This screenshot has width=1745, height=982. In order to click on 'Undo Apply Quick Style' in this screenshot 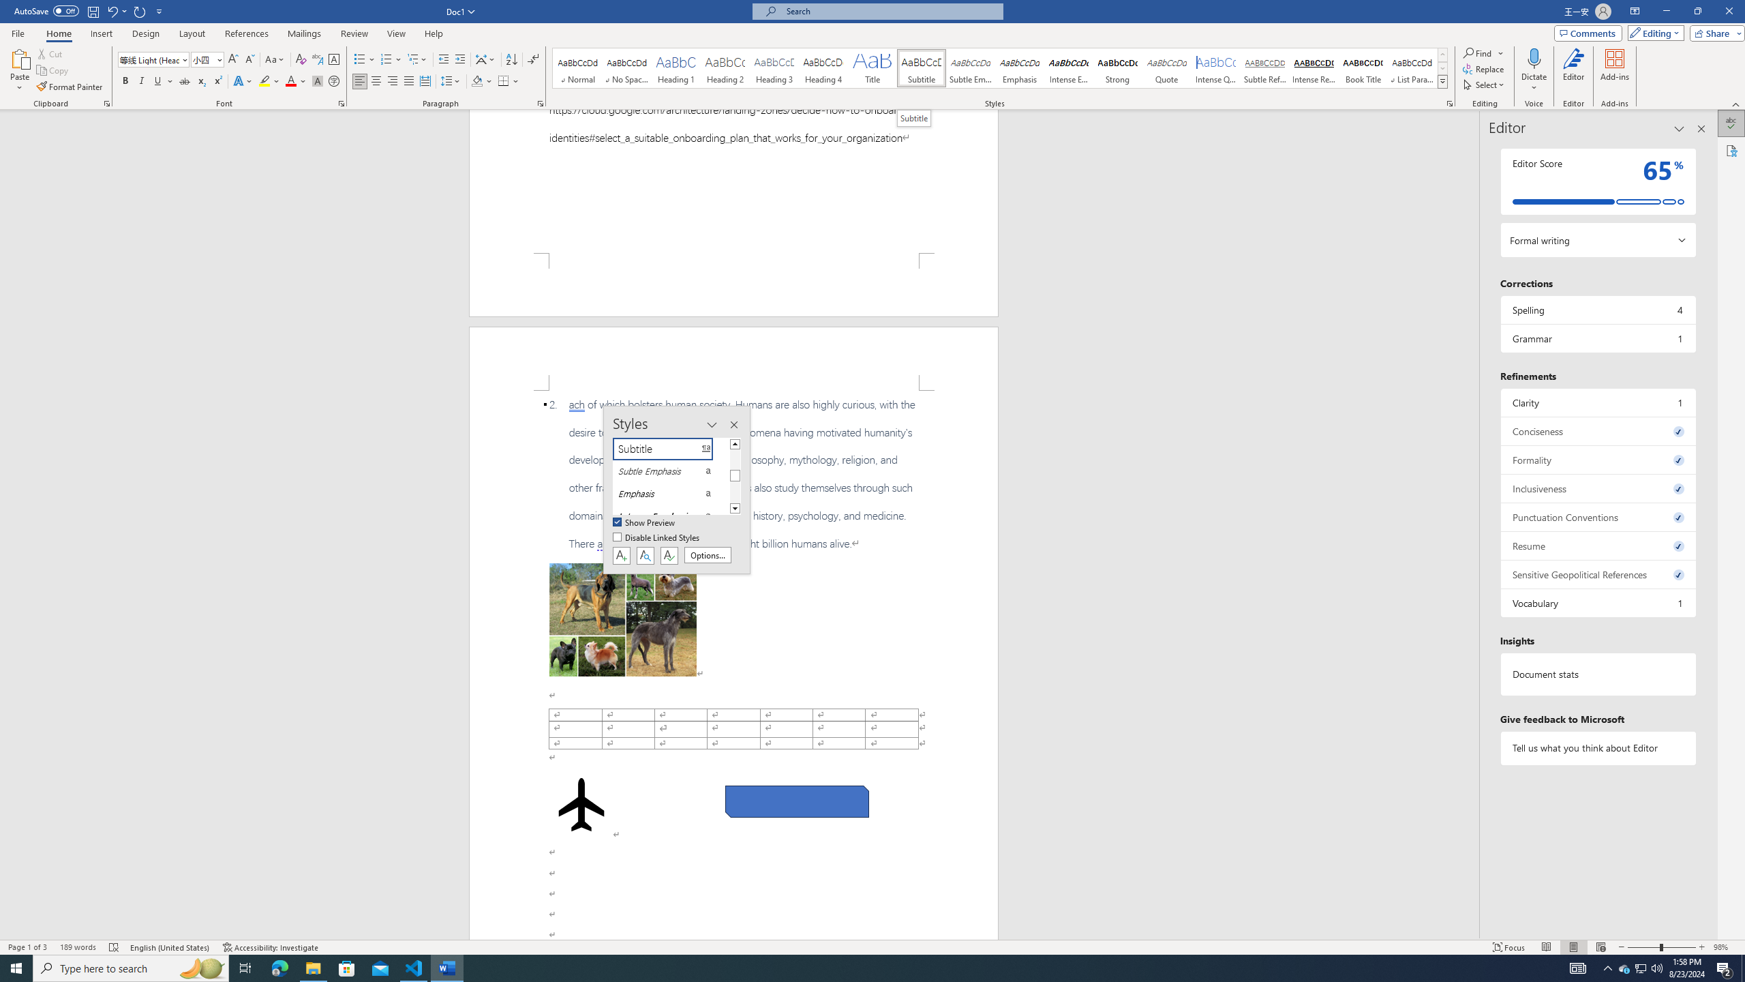, I will do `click(111, 10)`.